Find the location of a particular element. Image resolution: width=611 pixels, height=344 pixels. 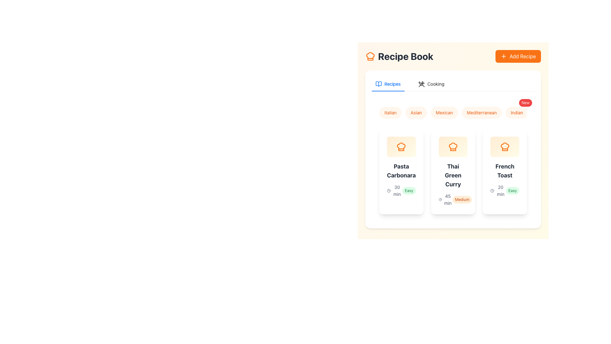

displayed text of the 'Easy' difficulty level label located in the lower right of the 'French Toast' recipe card, adjacent to the time indicator '20 min' is located at coordinates (512, 190).